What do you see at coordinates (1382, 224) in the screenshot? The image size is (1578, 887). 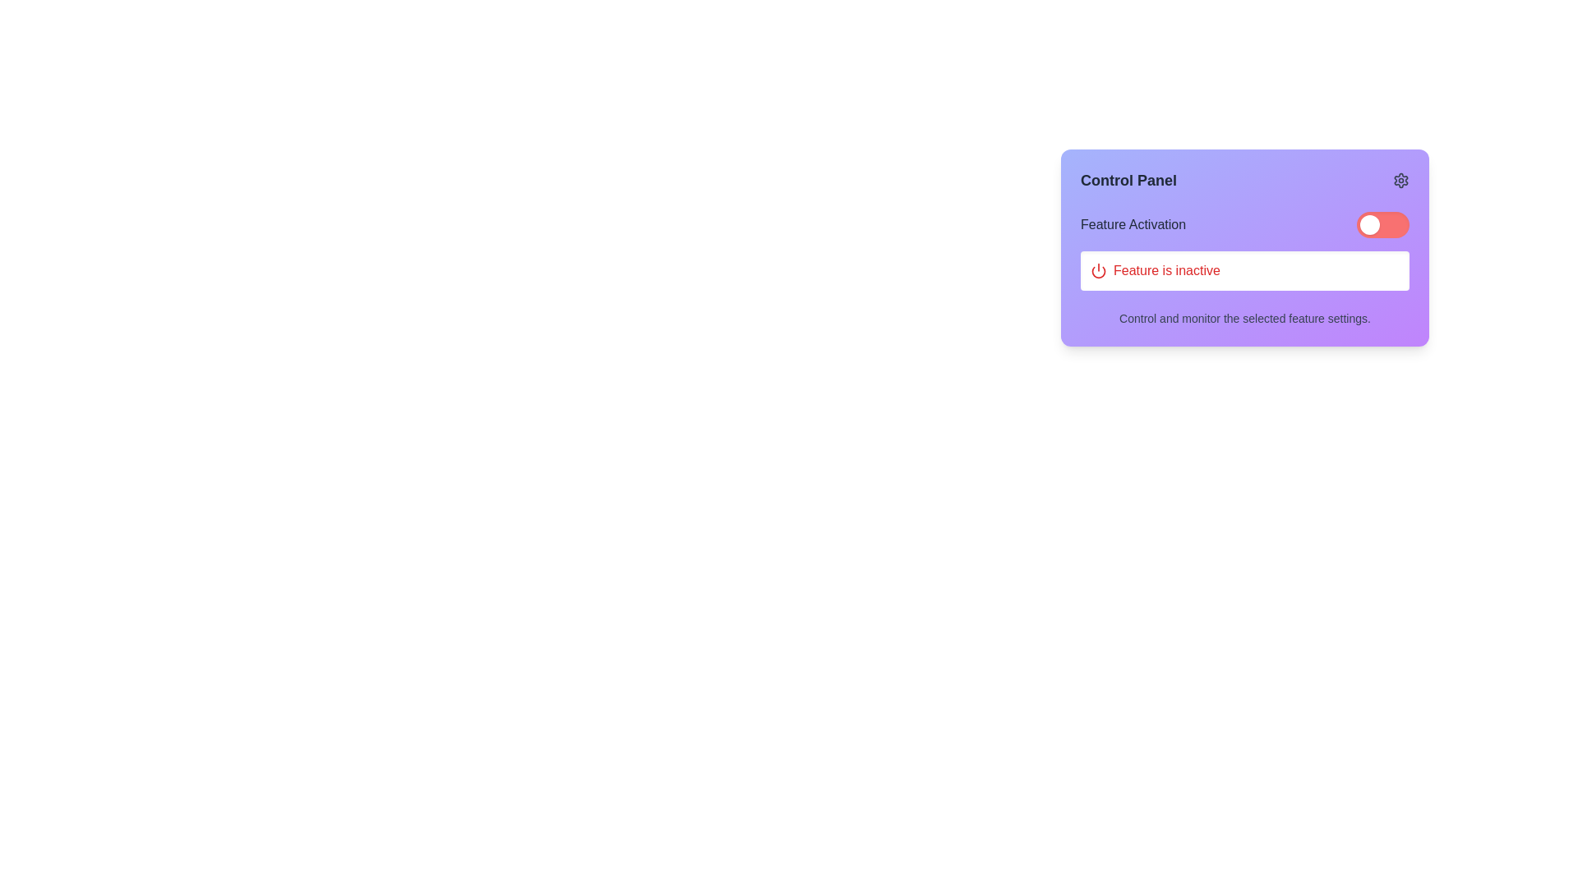 I see `the modern toggle switch with a red background and white circular slider` at bounding box center [1382, 224].